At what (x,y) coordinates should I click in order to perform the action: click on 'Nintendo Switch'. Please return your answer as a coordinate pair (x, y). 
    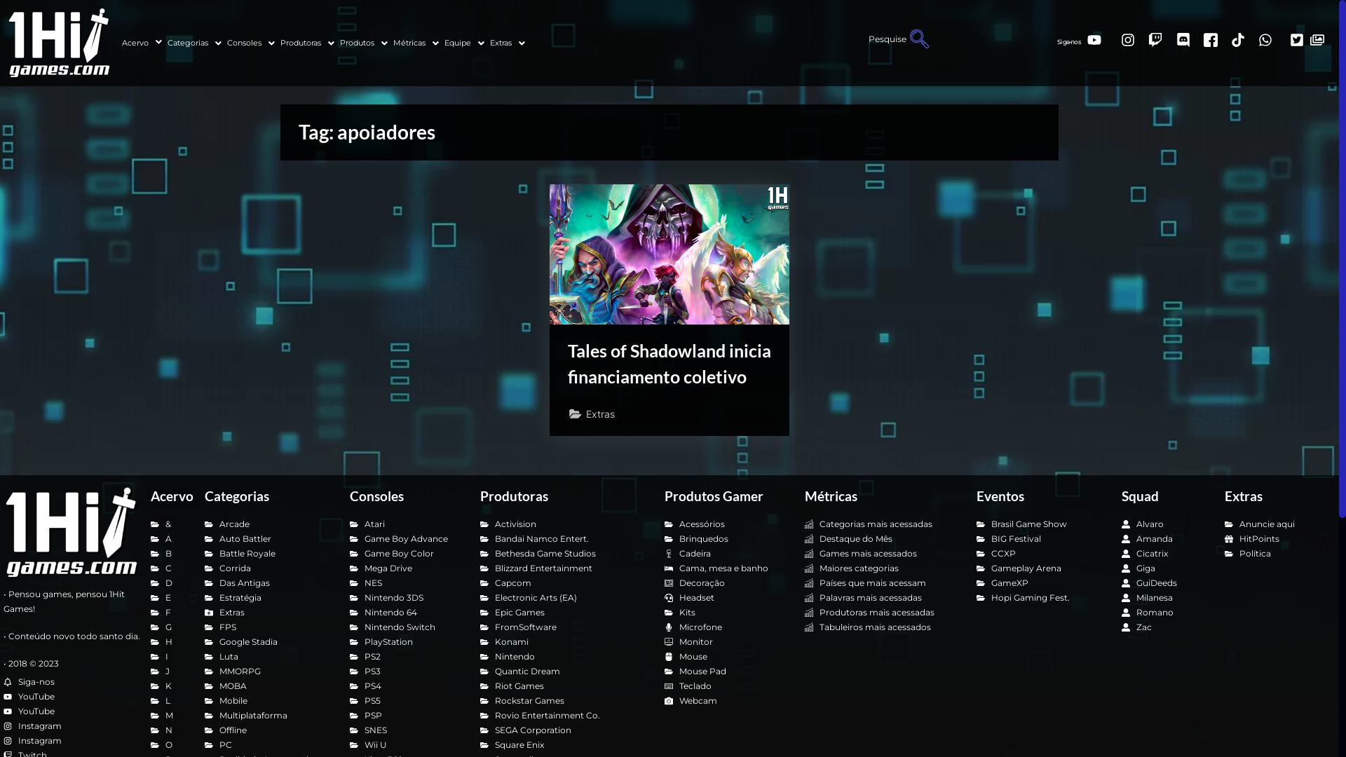
    Looking at the image, I should click on (350, 626).